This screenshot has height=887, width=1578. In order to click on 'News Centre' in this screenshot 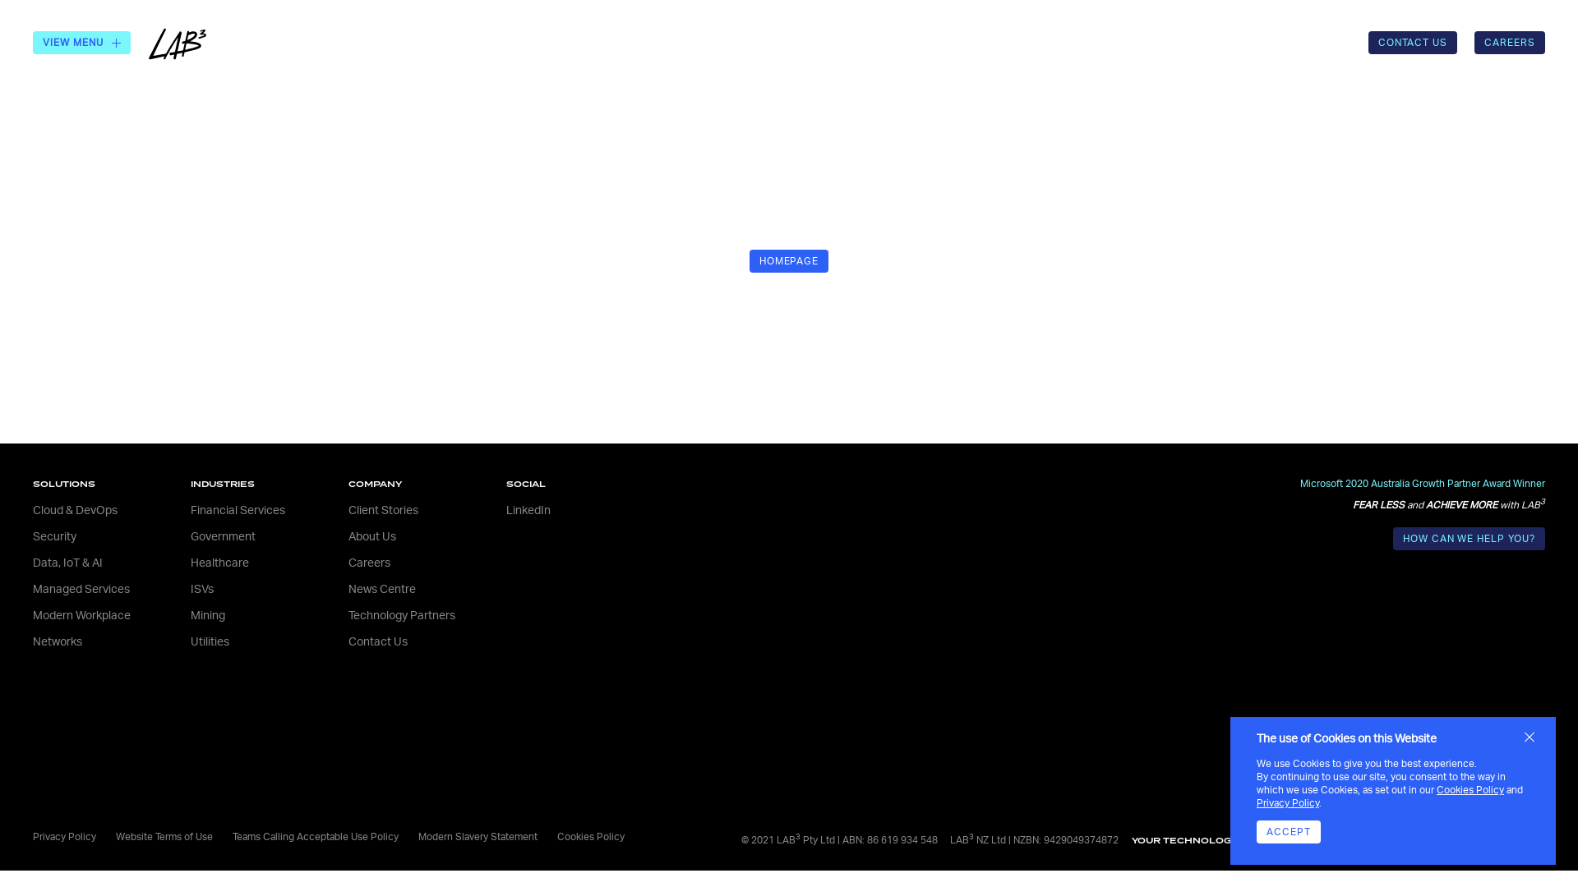, I will do `click(347, 588)`.